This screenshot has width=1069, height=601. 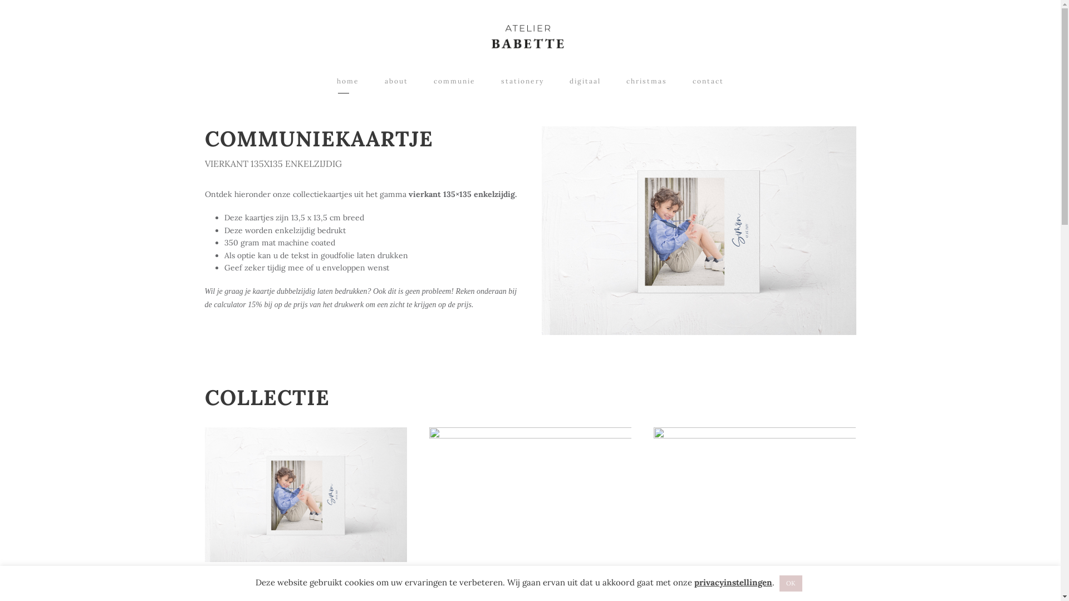 I want to click on 'stationery', so click(x=501, y=83).